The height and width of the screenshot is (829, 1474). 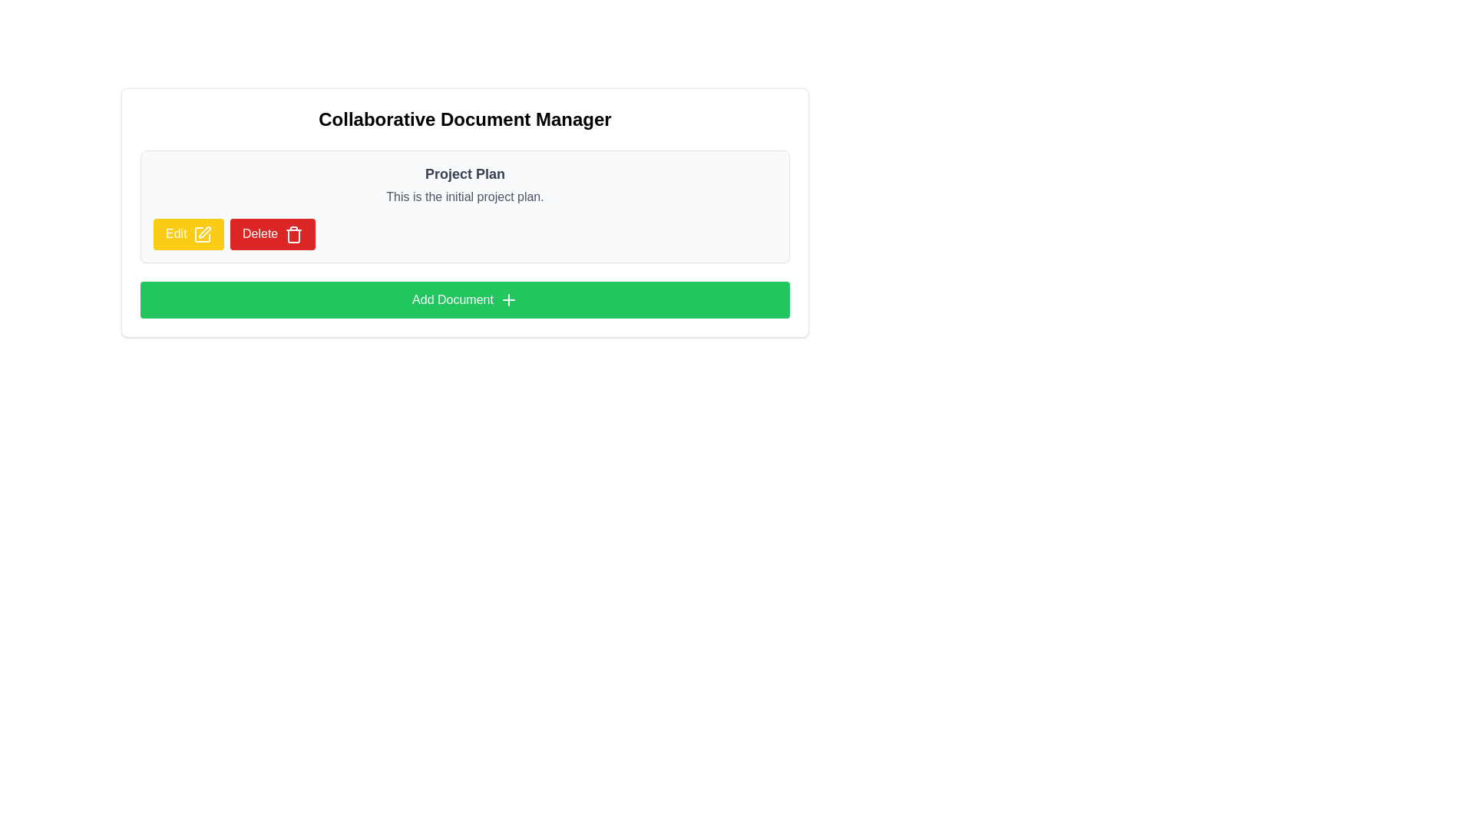 What do you see at coordinates (202, 234) in the screenshot?
I see `the edit icon located on the right side of the yellow 'Edit' button` at bounding box center [202, 234].